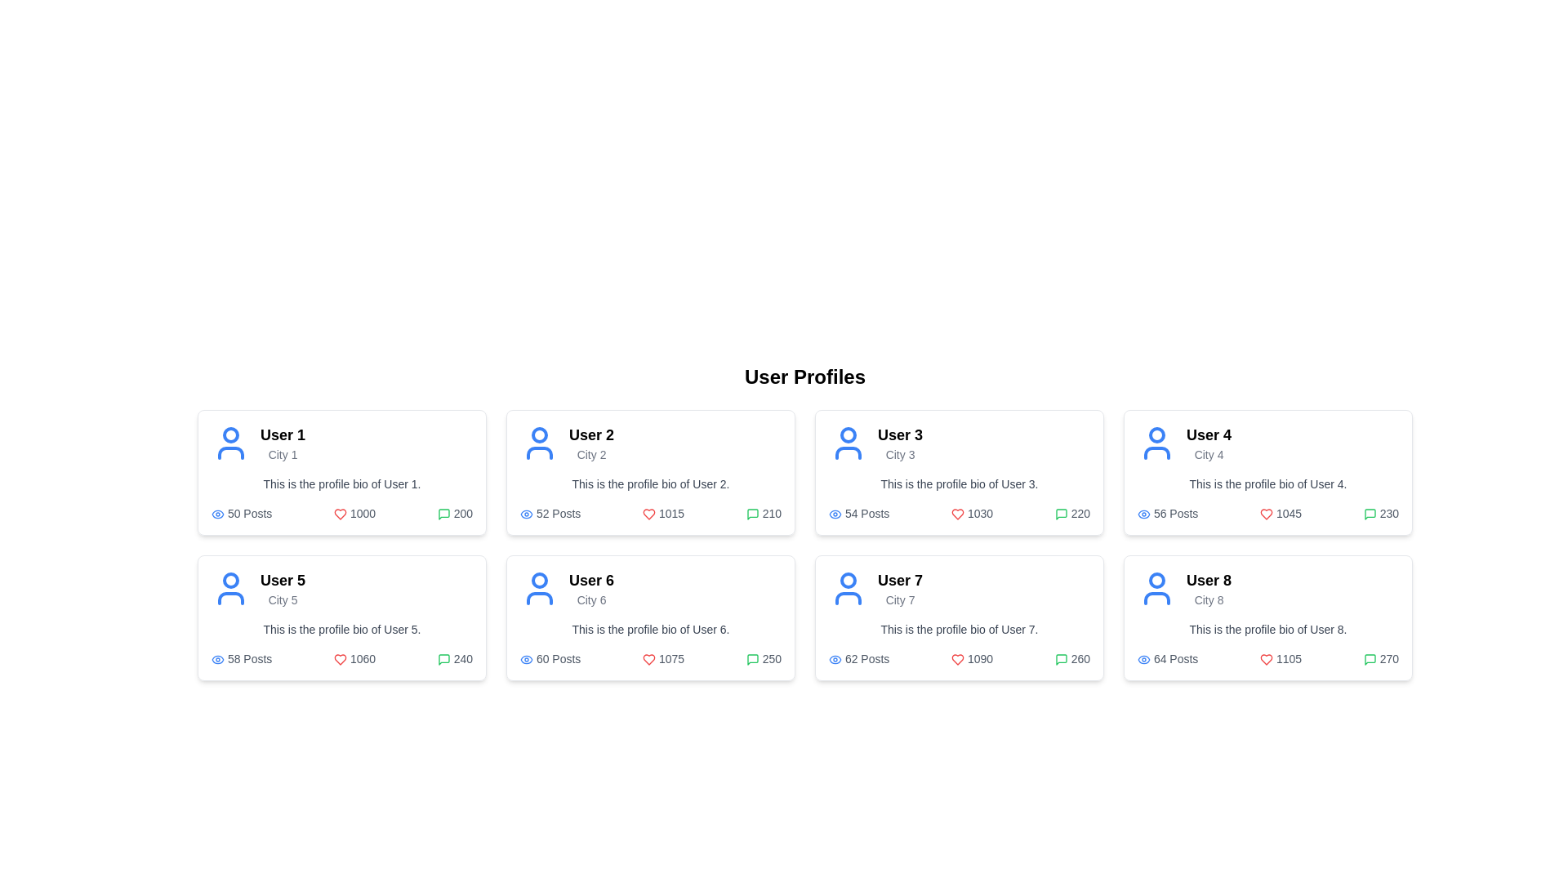  What do you see at coordinates (1209, 589) in the screenshot?
I see `the Text label that provides the name and city information of a user, located in the bottom-right corner of the last profile card, below the user avatar icon` at bounding box center [1209, 589].